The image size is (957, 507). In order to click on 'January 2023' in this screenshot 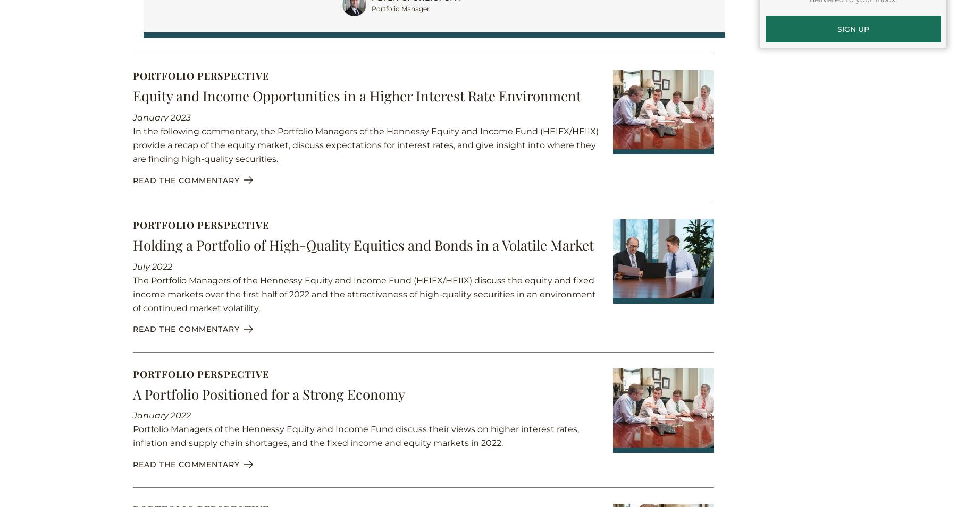, I will do `click(161, 117)`.